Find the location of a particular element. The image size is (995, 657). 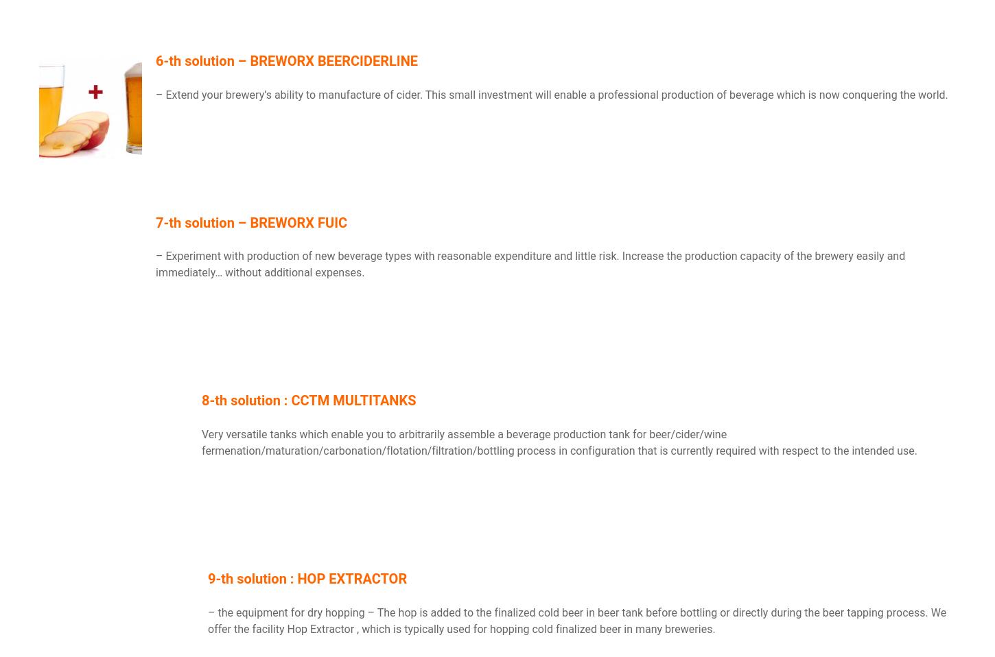

'9-th solution : HOP EXTRACTOR' is located at coordinates (208, 577).